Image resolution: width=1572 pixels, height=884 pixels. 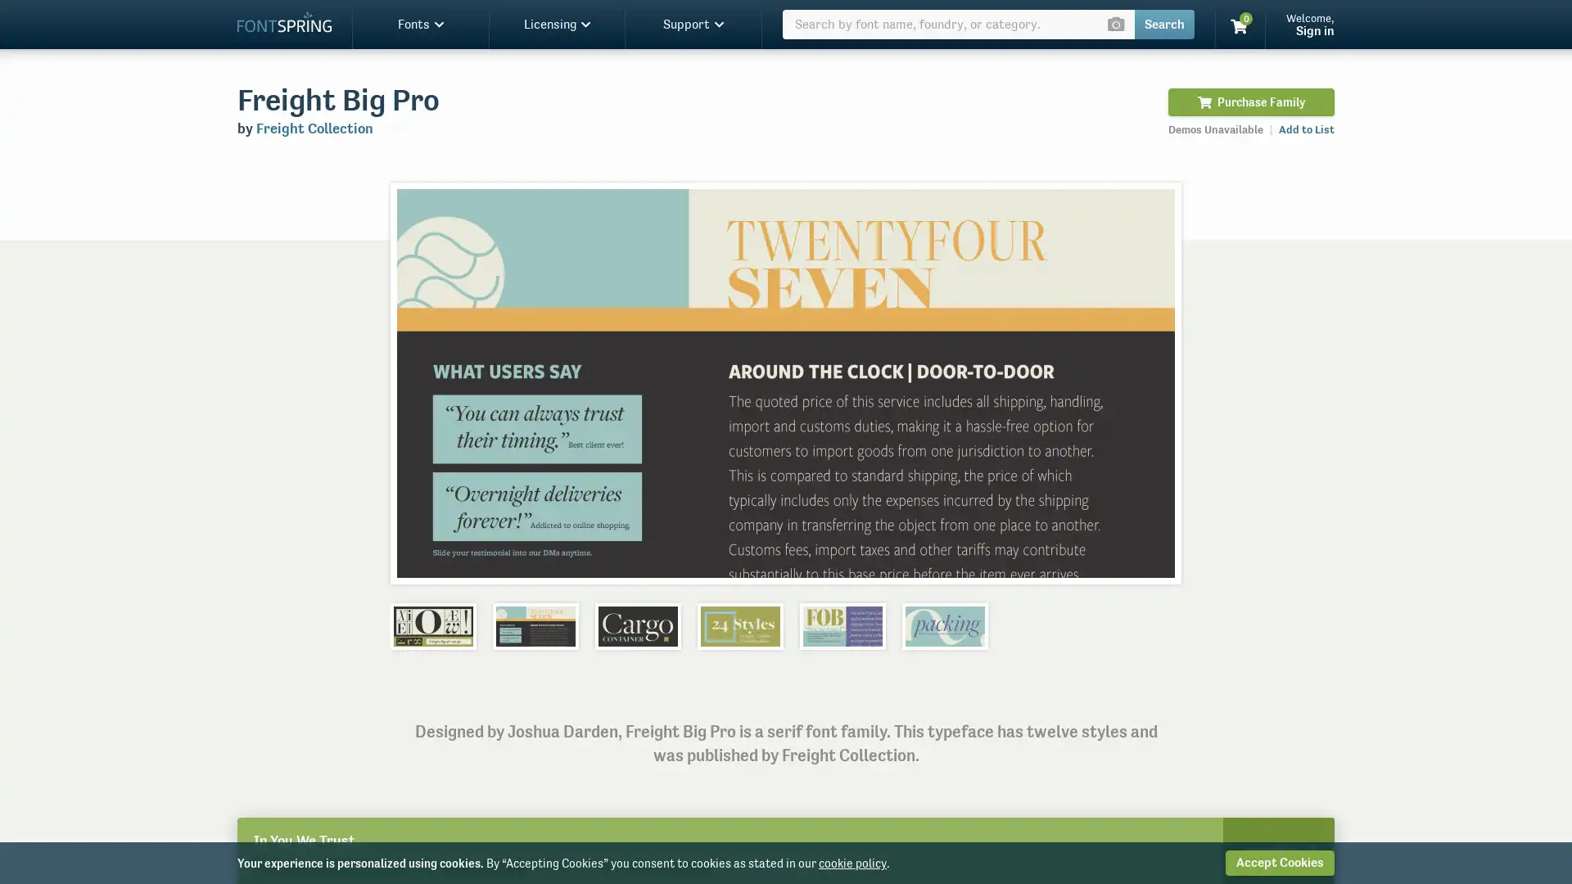 I want to click on Add to List, so click(x=1306, y=129).